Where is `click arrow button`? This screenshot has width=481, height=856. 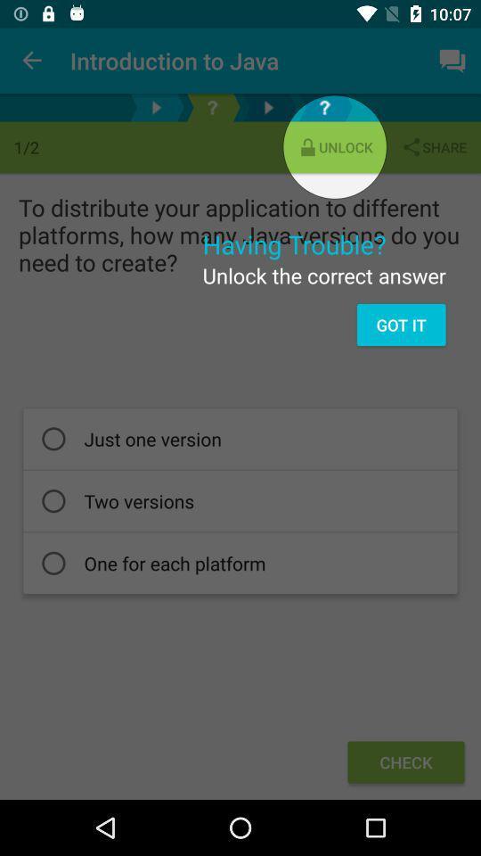 click arrow button is located at coordinates (156, 107).